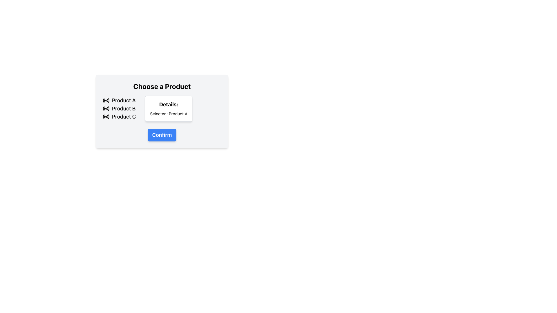  I want to click on the confirm button located at the bottom of the white card with a gray shadow to confirm the selection, so click(162, 135).